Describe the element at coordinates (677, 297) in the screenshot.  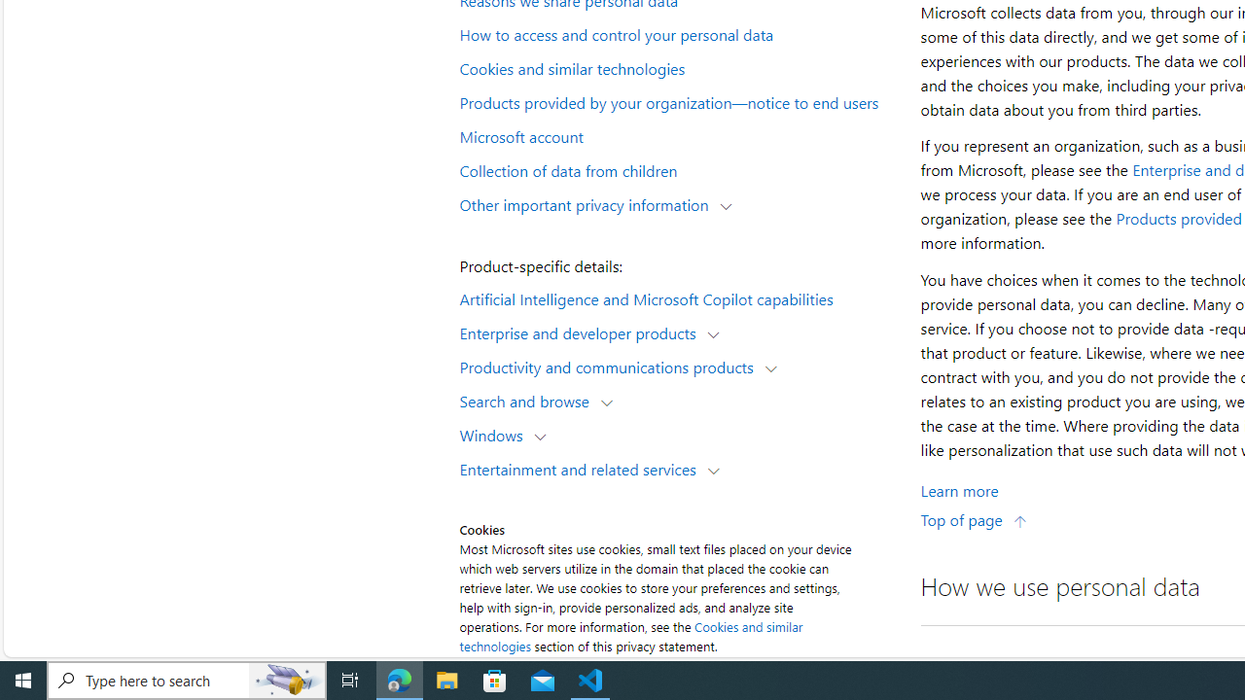
I see `'Artificial Intelligence and Microsoft Copilot capabilities'` at that location.